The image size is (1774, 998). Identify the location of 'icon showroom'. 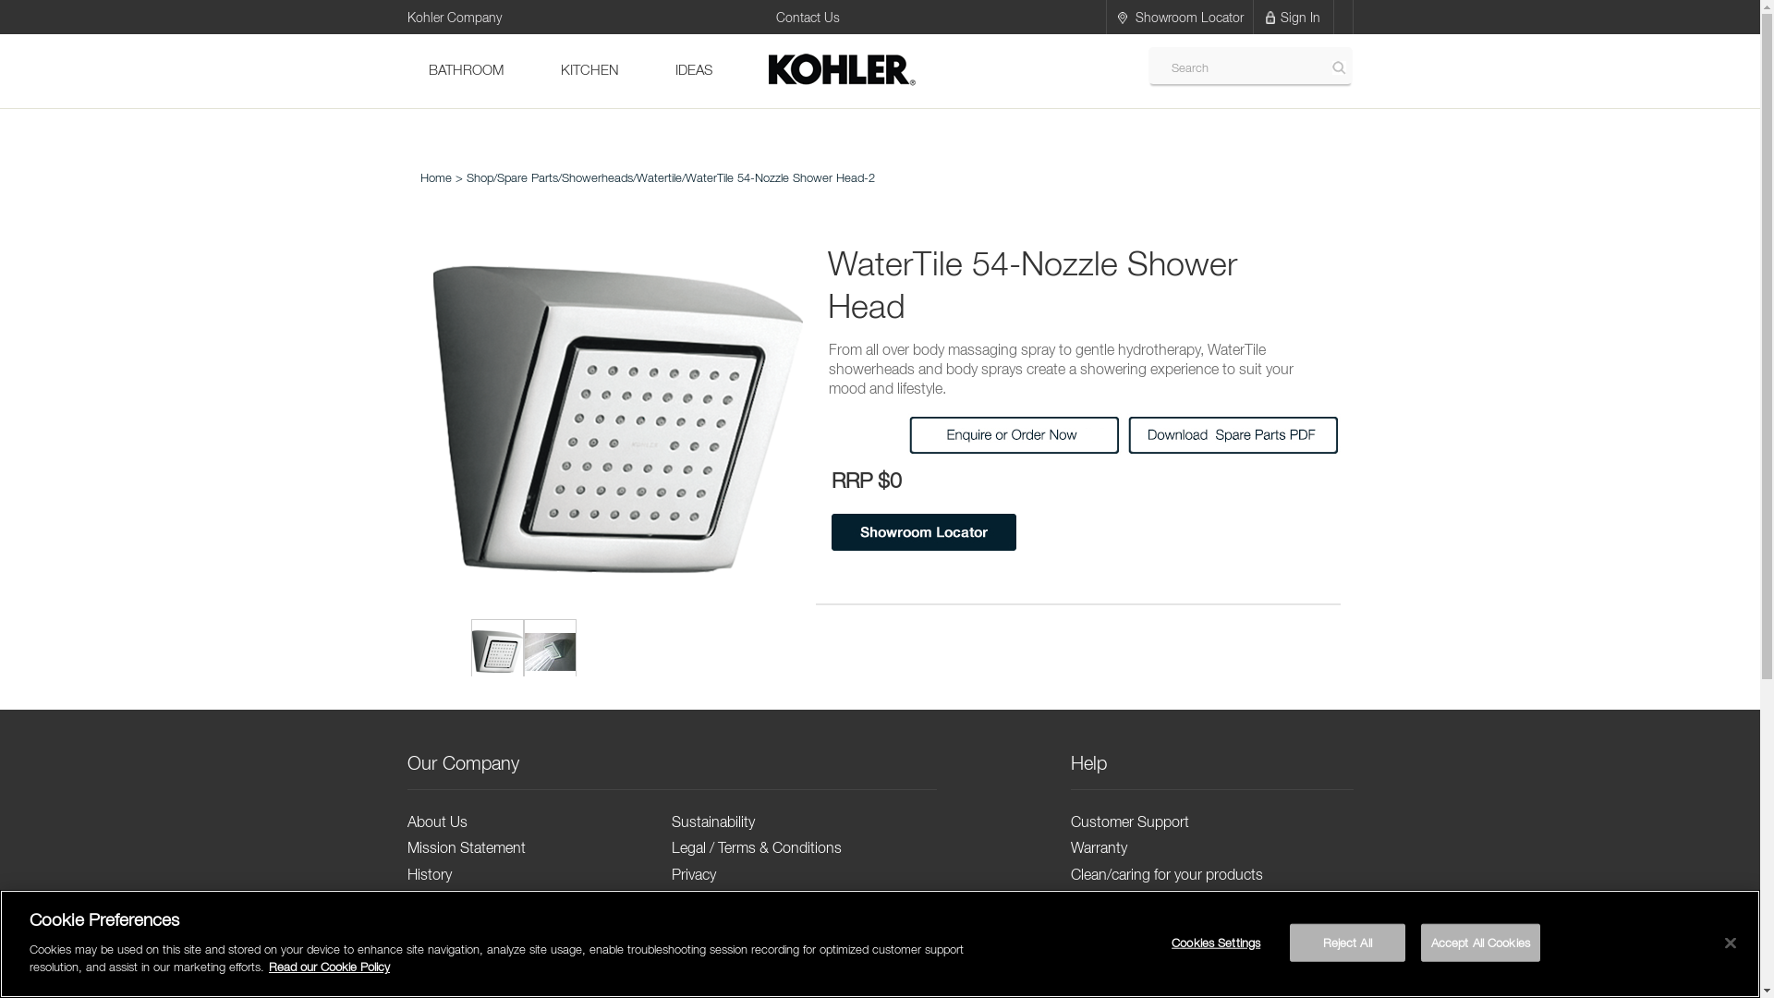
(1121, 18).